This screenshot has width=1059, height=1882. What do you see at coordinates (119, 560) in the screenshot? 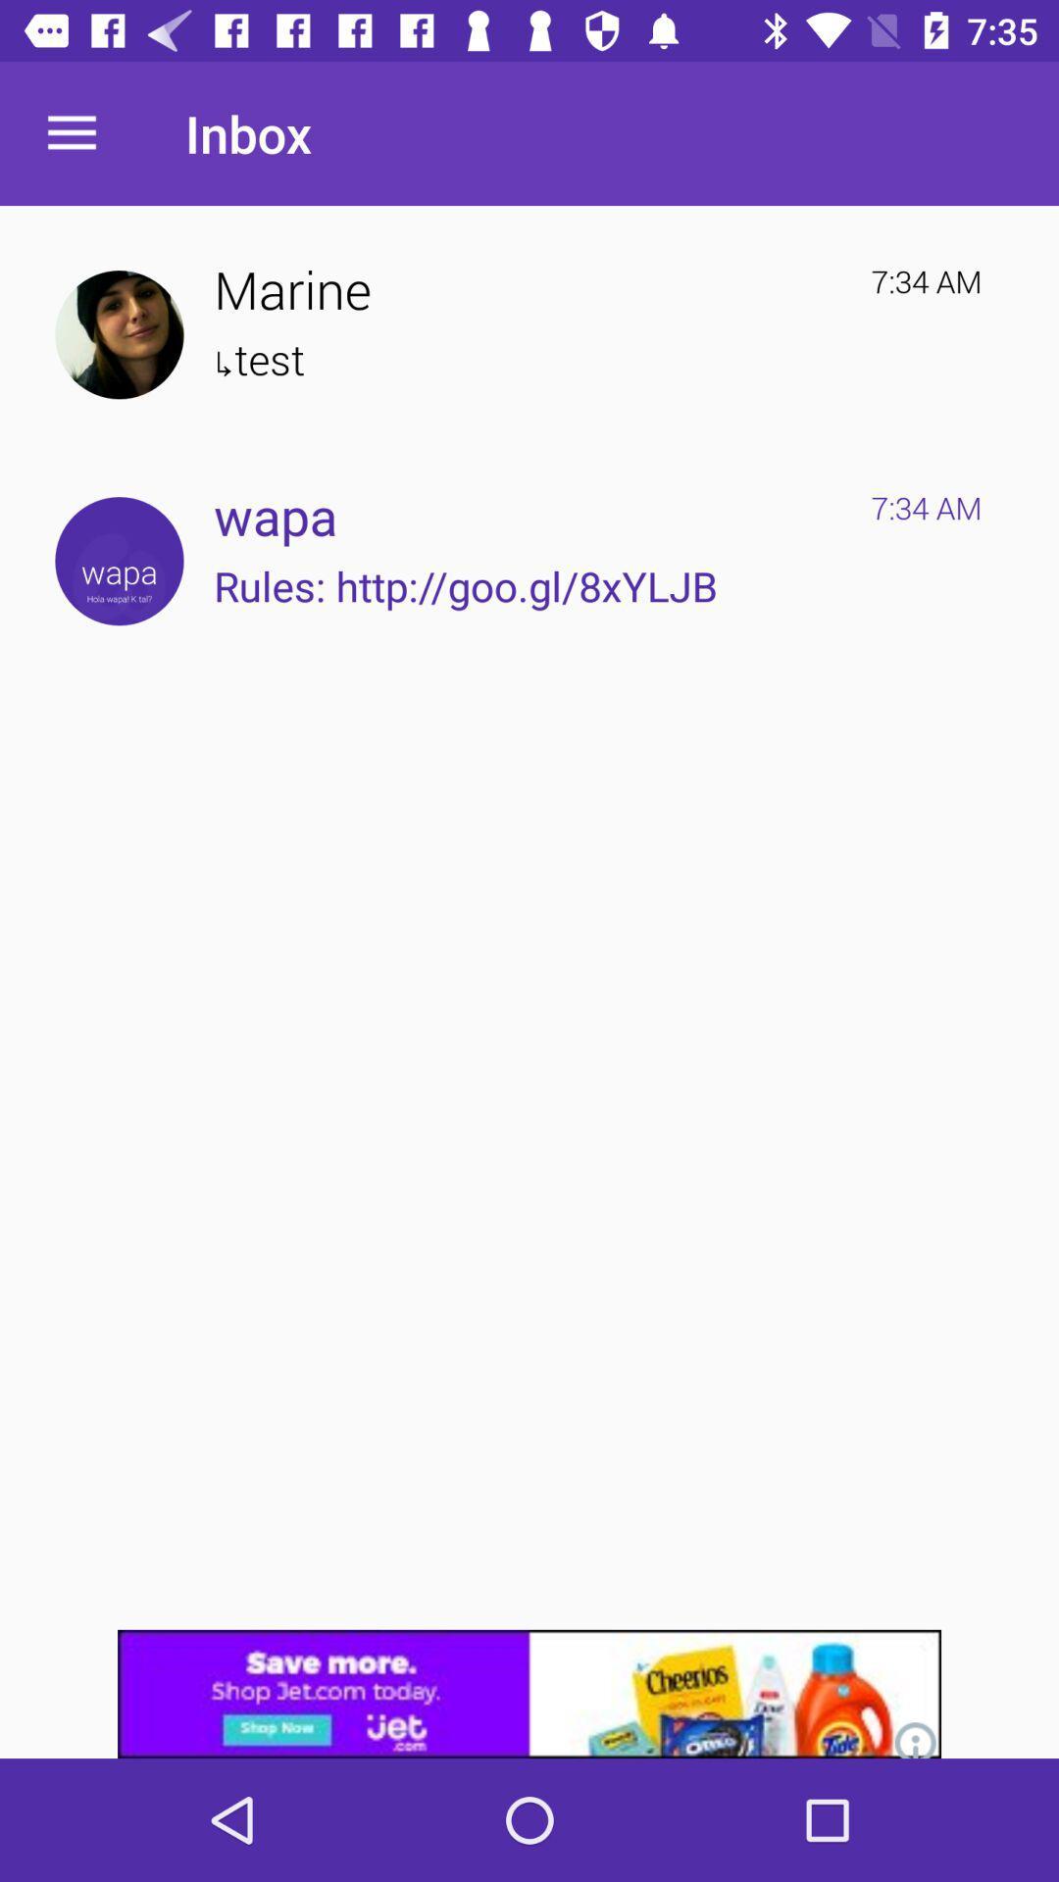
I see `clicking option` at bounding box center [119, 560].